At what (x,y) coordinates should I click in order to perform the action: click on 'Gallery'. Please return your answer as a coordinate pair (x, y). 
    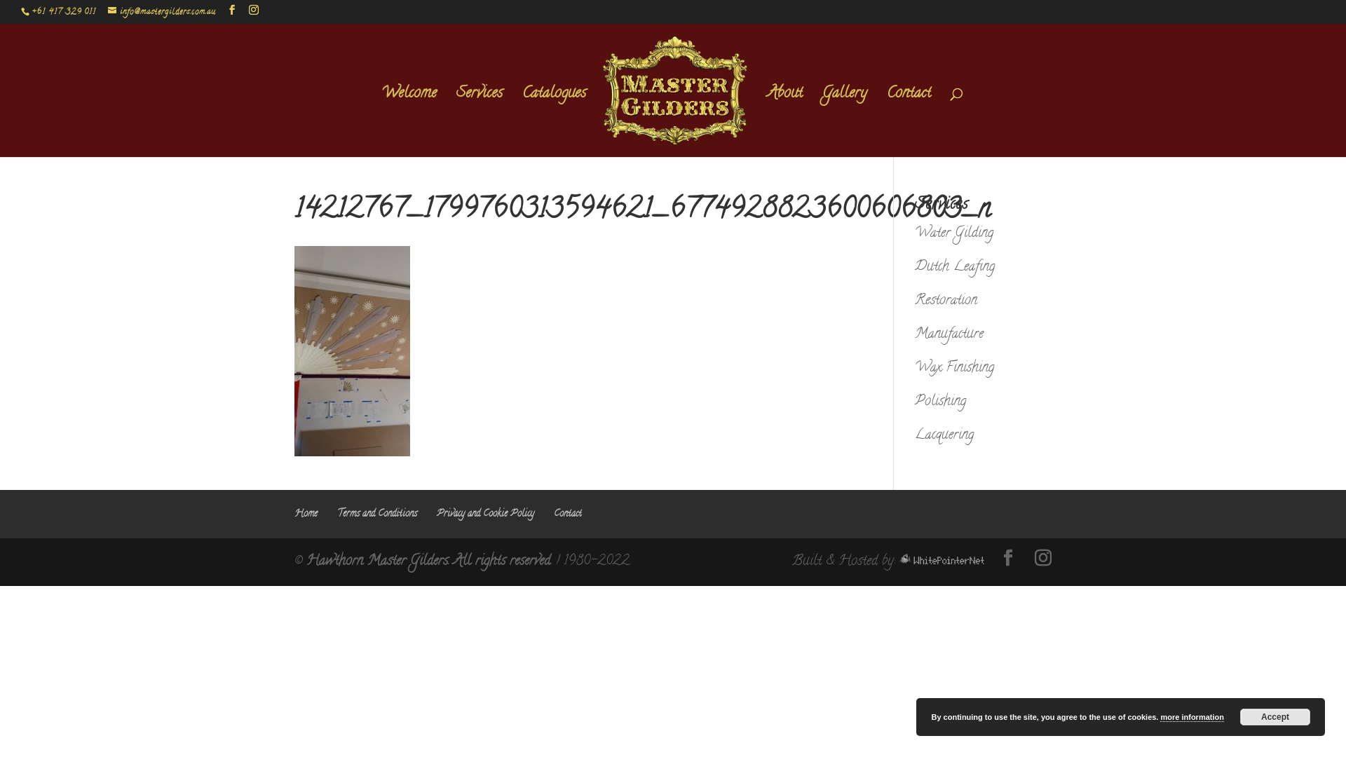
    Looking at the image, I should click on (843, 122).